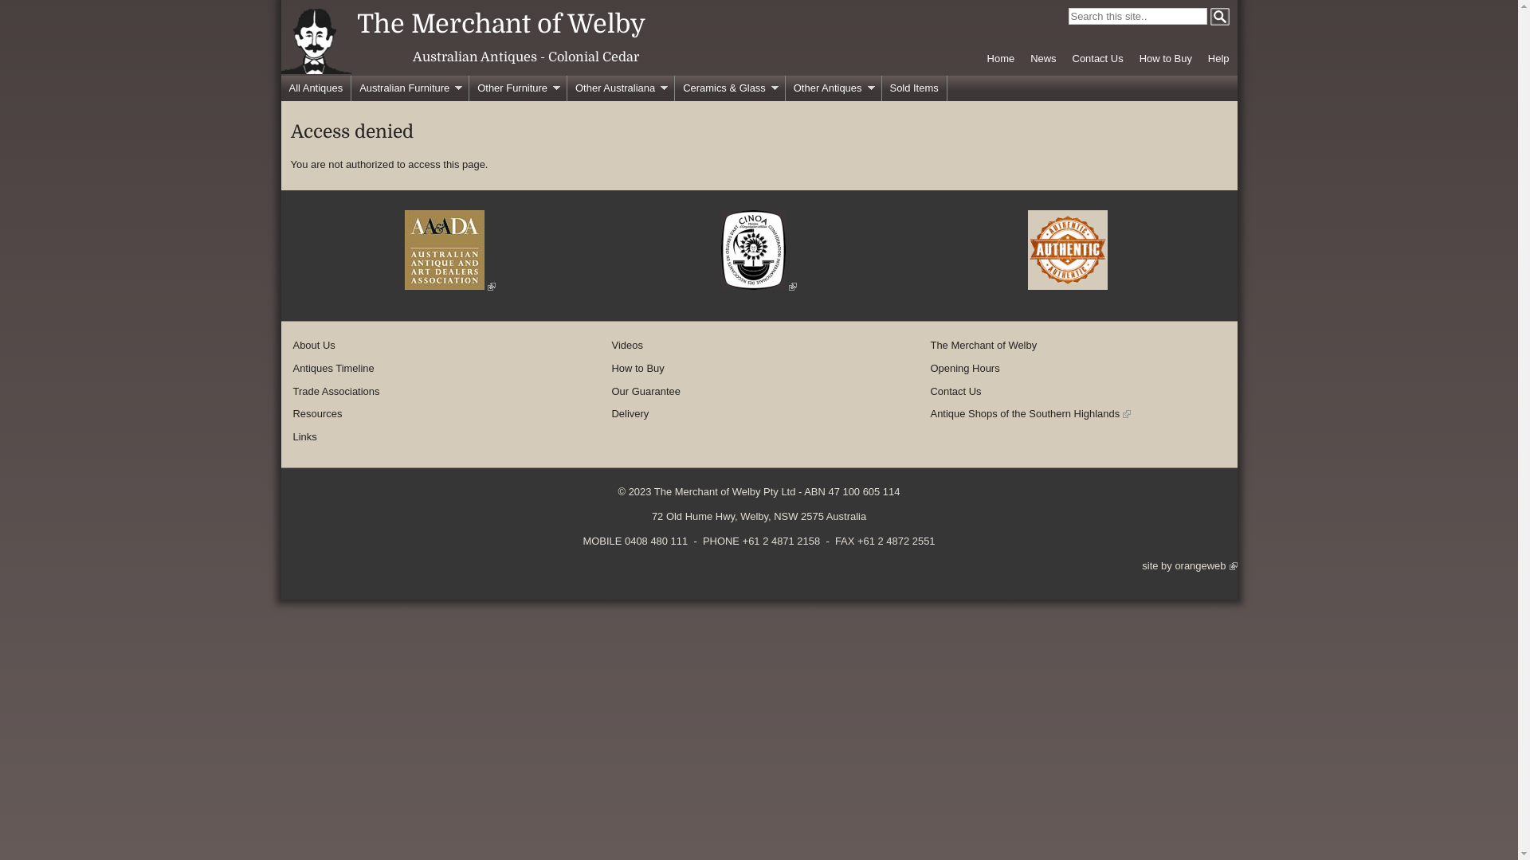 This screenshot has height=860, width=1530. Describe the element at coordinates (1031, 412) in the screenshot. I see `'Antique Shops of the Southern Highlands` at that location.